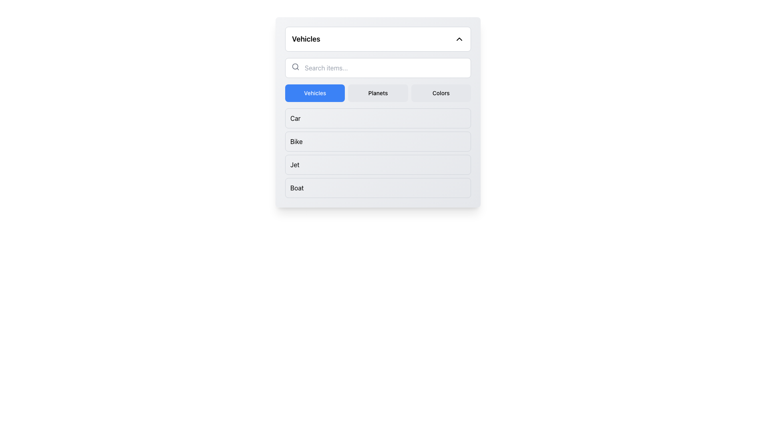  Describe the element at coordinates (295, 66) in the screenshot. I see `the search icon represented as a magnifying glass, which is located at the leftmost side of the search bar input field next to the placeholder text 'Search items...'` at that location.